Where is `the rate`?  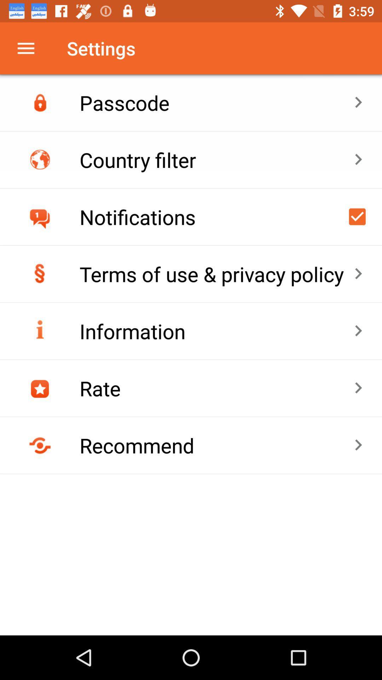 the rate is located at coordinates (216, 388).